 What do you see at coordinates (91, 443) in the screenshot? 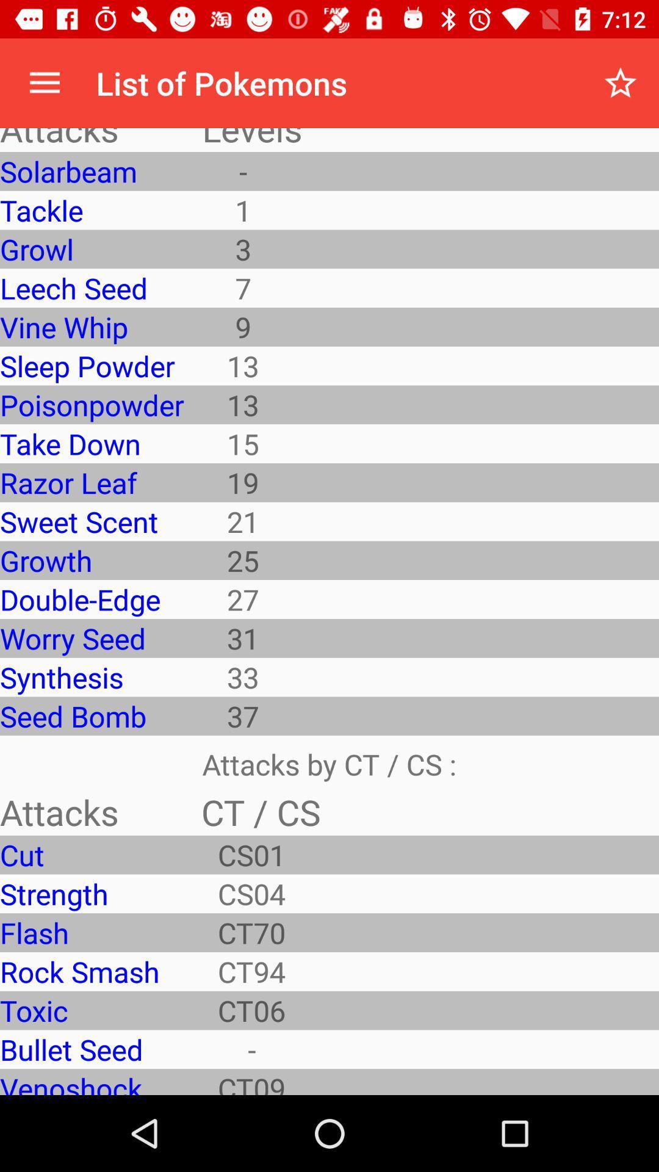
I see `the take down item` at bounding box center [91, 443].